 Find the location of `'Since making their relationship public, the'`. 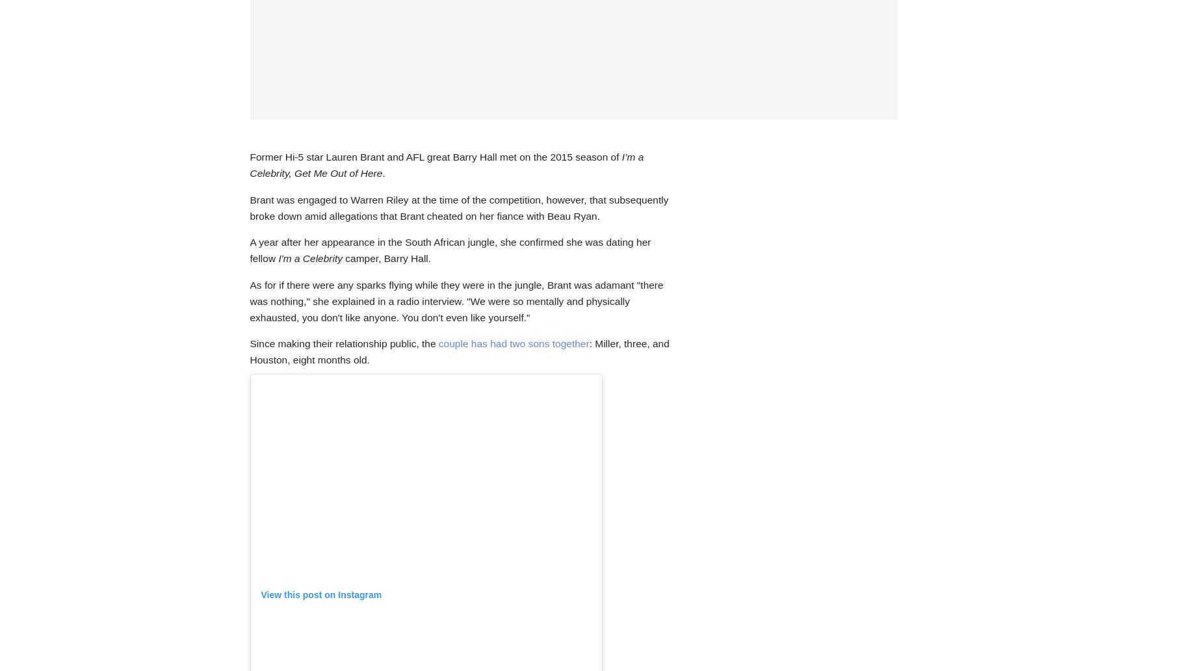

'Since making their relationship public, the' is located at coordinates (250, 343).